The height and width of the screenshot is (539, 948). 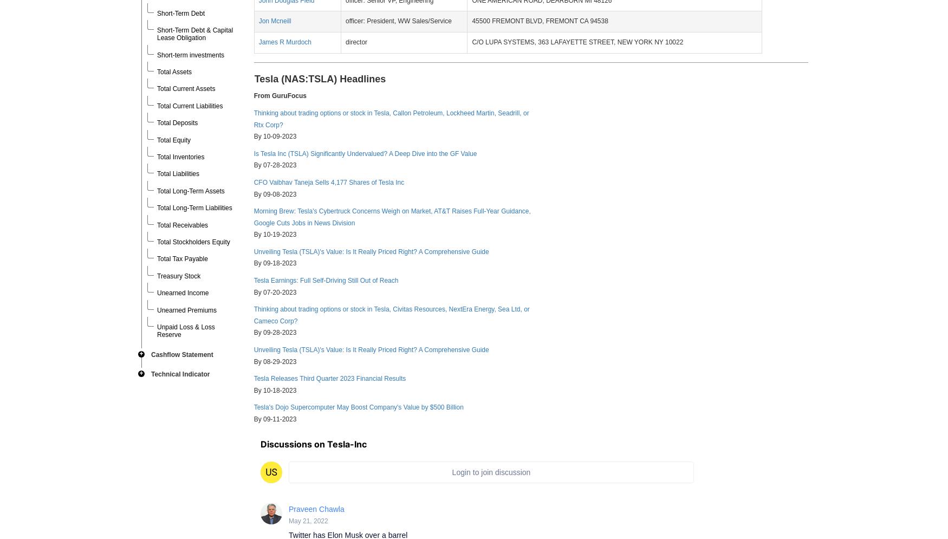 I want to click on 'Total Stockholders Equity', so click(x=193, y=241).